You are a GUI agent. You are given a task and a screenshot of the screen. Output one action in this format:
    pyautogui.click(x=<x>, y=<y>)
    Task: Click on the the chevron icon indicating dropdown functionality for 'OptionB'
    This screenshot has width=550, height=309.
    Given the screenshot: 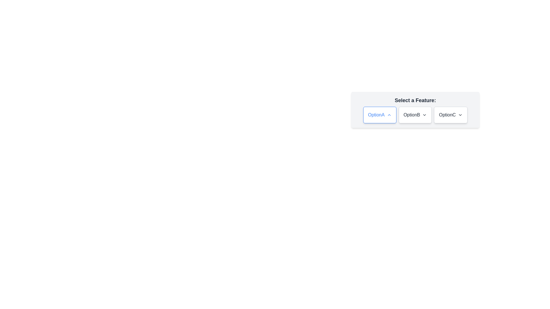 What is the action you would take?
    pyautogui.click(x=425, y=115)
    